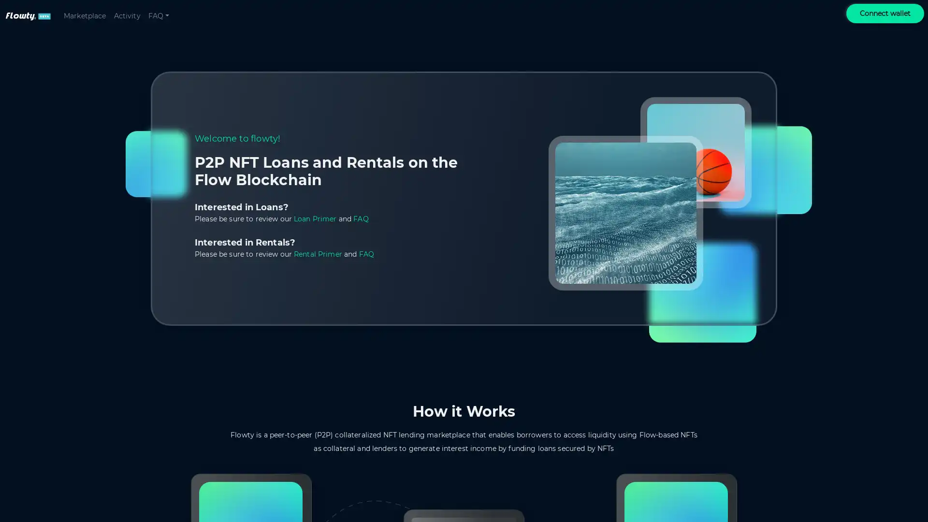 This screenshot has height=522, width=928. What do you see at coordinates (126, 15) in the screenshot?
I see `Activity` at bounding box center [126, 15].